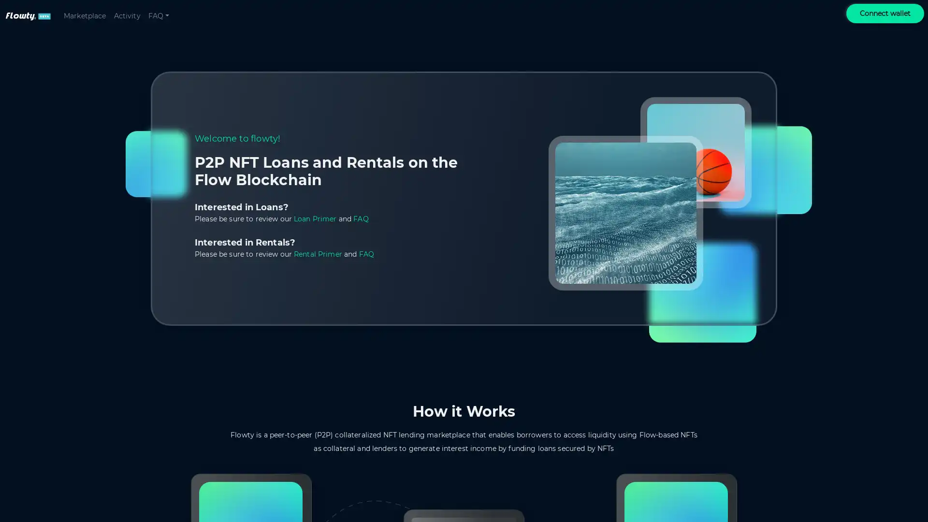 This screenshot has height=522, width=928. What do you see at coordinates (126, 15) in the screenshot?
I see `Activity` at bounding box center [126, 15].